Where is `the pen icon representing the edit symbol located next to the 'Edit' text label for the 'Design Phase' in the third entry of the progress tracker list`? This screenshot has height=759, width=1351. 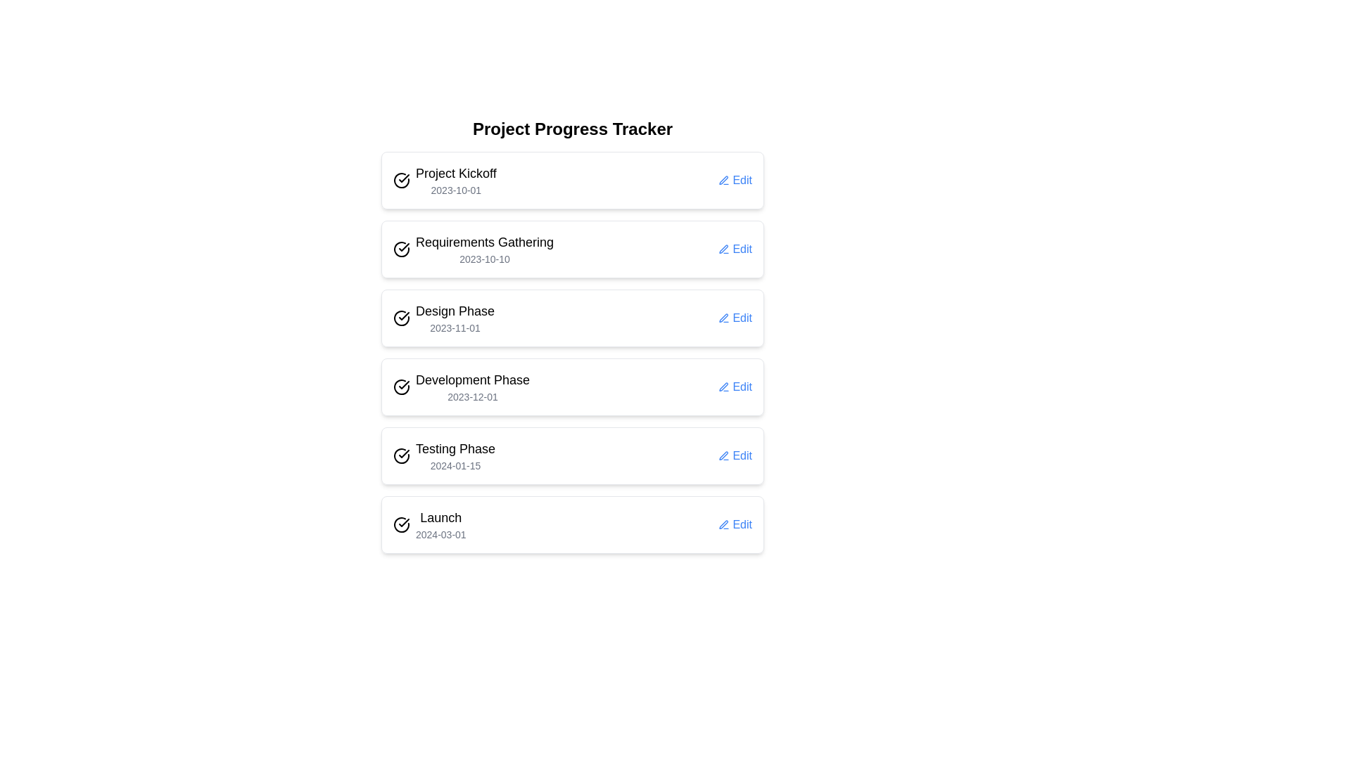
the pen icon representing the edit symbol located next to the 'Edit' text label for the 'Design Phase' in the third entry of the progress tracker list is located at coordinates (724, 318).